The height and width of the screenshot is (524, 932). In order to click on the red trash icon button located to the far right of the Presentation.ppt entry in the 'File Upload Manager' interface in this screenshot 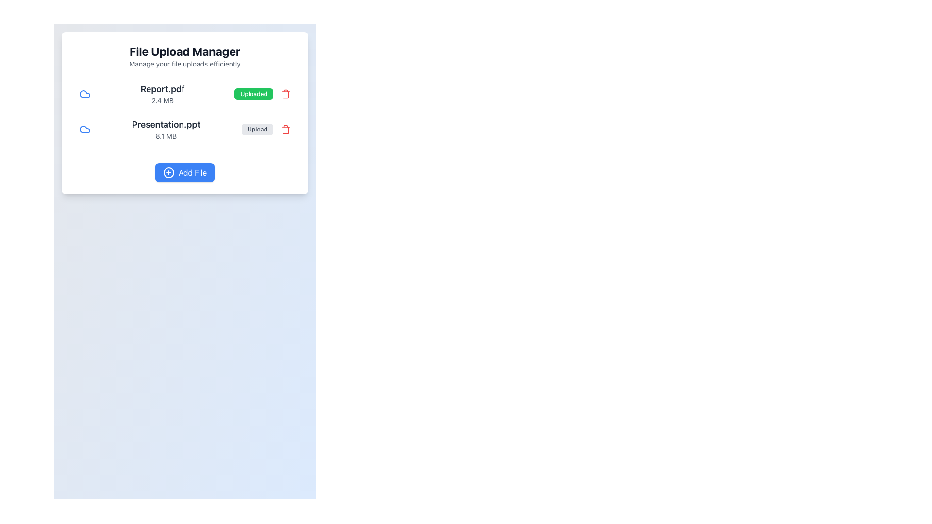, I will do `click(285, 129)`.